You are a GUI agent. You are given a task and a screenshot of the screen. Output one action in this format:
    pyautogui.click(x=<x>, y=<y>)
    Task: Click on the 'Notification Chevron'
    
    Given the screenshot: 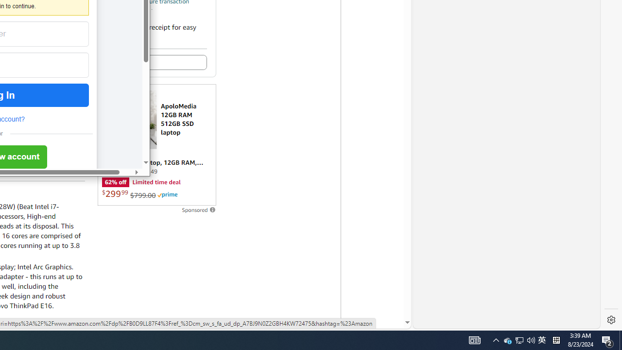 What is the action you would take?
    pyautogui.click(x=496, y=339)
    